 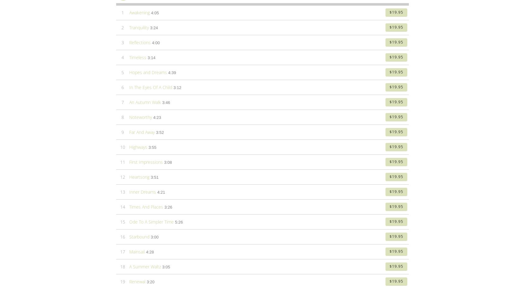 I want to click on 'Package and Order Details', so click(x=171, y=130).